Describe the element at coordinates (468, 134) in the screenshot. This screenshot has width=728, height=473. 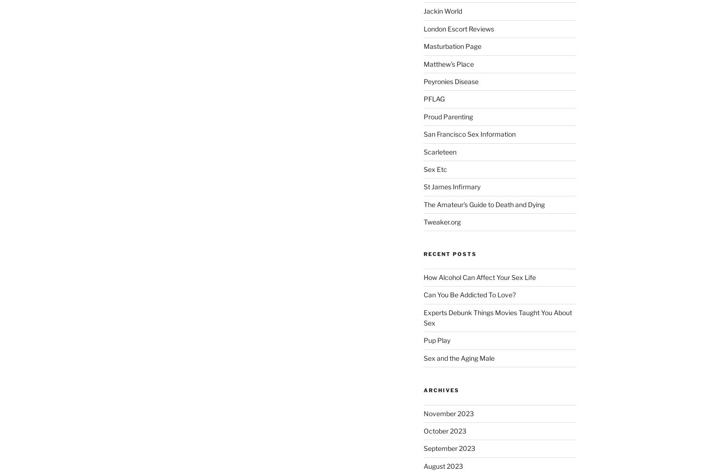
I see `'San Francisco Sex Information'` at that location.